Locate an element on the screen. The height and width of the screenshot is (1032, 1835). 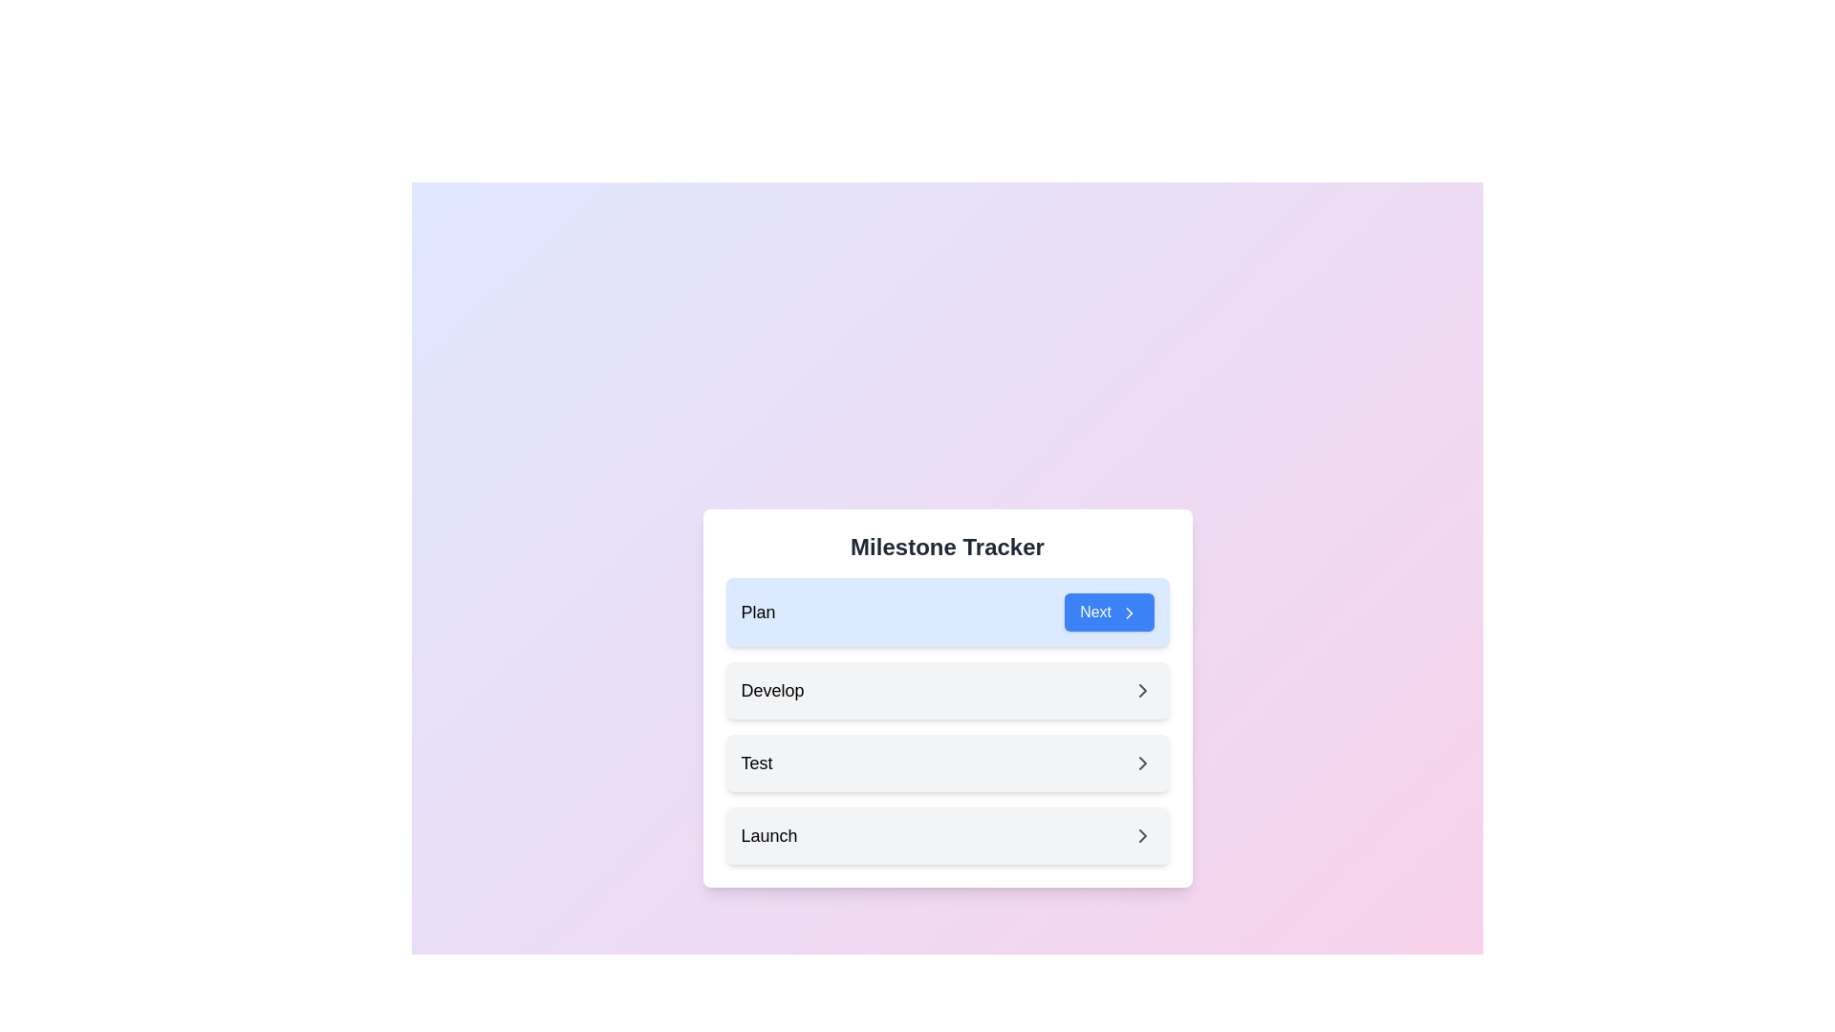
the small right-facing chevron arrow icon located on the right side of the 'Develop' row in the Milestone Tracker, which indicates progression or access to more information is located at coordinates (1142, 690).